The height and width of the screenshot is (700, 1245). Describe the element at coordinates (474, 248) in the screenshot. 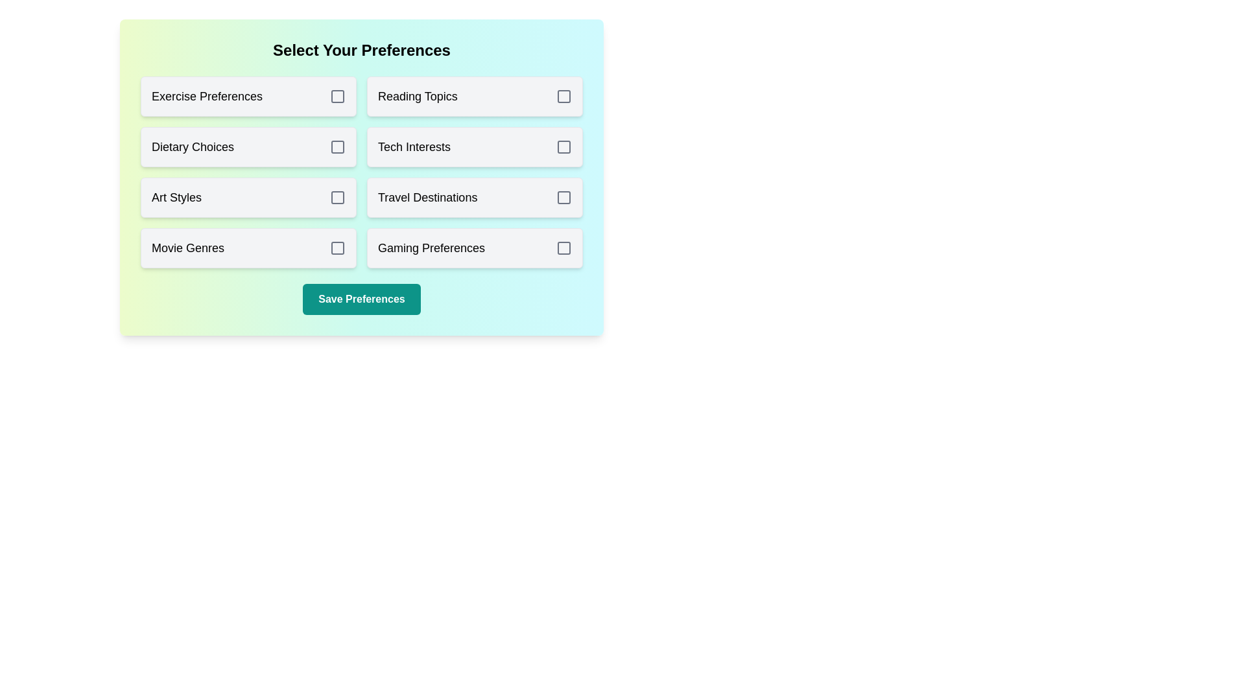

I see `the option Gaming Preferences to observe its hover effect` at that location.